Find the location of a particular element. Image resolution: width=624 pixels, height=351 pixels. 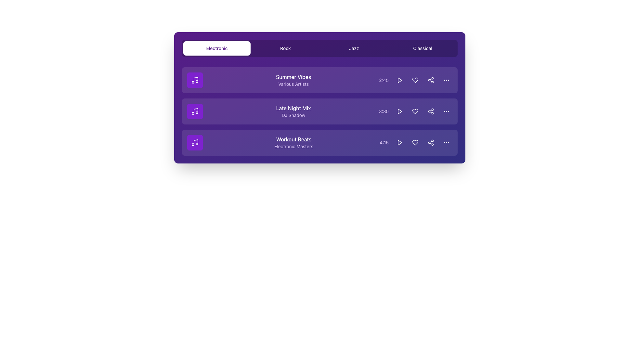

the play button located in the right-most section of the third row within a list of items to initiate playback of the associated media track is located at coordinates (399, 142).